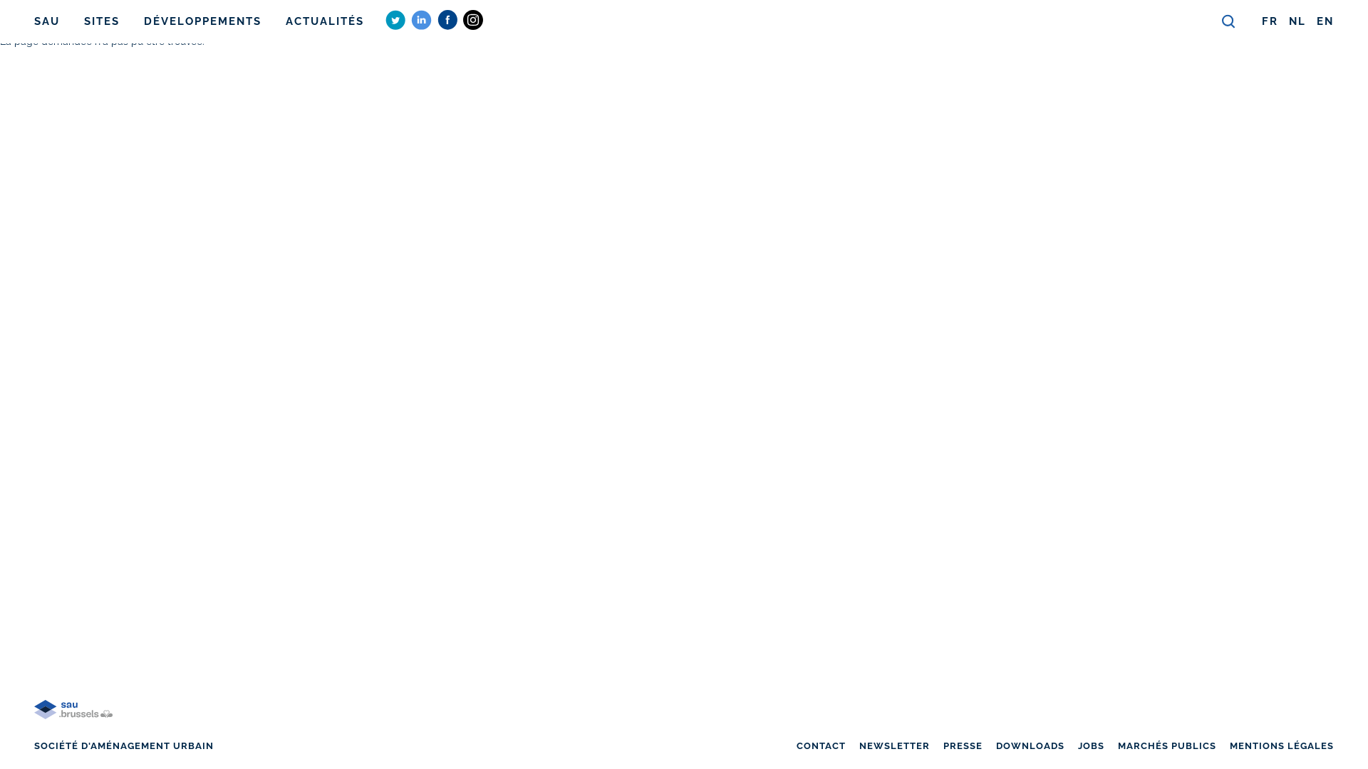 Image resolution: width=1368 pixels, height=769 pixels. Describe the element at coordinates (1297, 21) in the screenshot. I see `'NL'` at that location.